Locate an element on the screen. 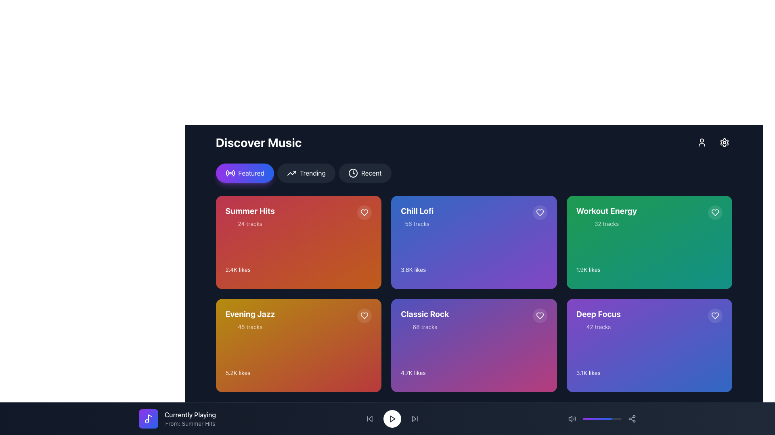 This screenshot has width=775, height=435. the heart-shaped icon in the top-right corner of the 'Summer Hits' card, which represents favorites or likes is located at coordinates (364, 212).